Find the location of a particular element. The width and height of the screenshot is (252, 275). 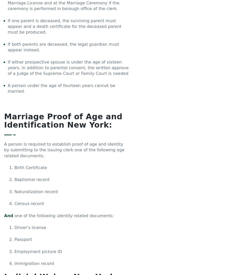

'If both parents are deceased, the legal guardian must appear instead.' is located at coordinates (63, 47).